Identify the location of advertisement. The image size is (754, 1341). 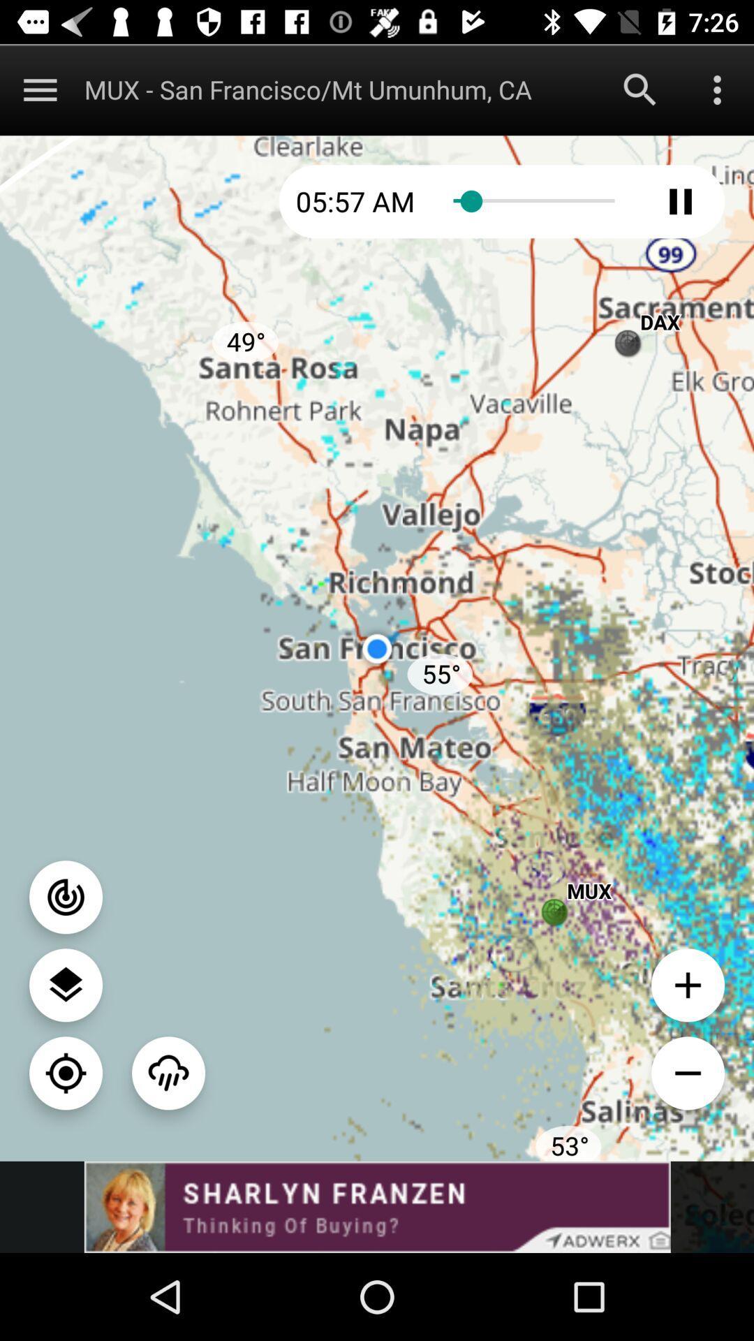
(377, 1206).